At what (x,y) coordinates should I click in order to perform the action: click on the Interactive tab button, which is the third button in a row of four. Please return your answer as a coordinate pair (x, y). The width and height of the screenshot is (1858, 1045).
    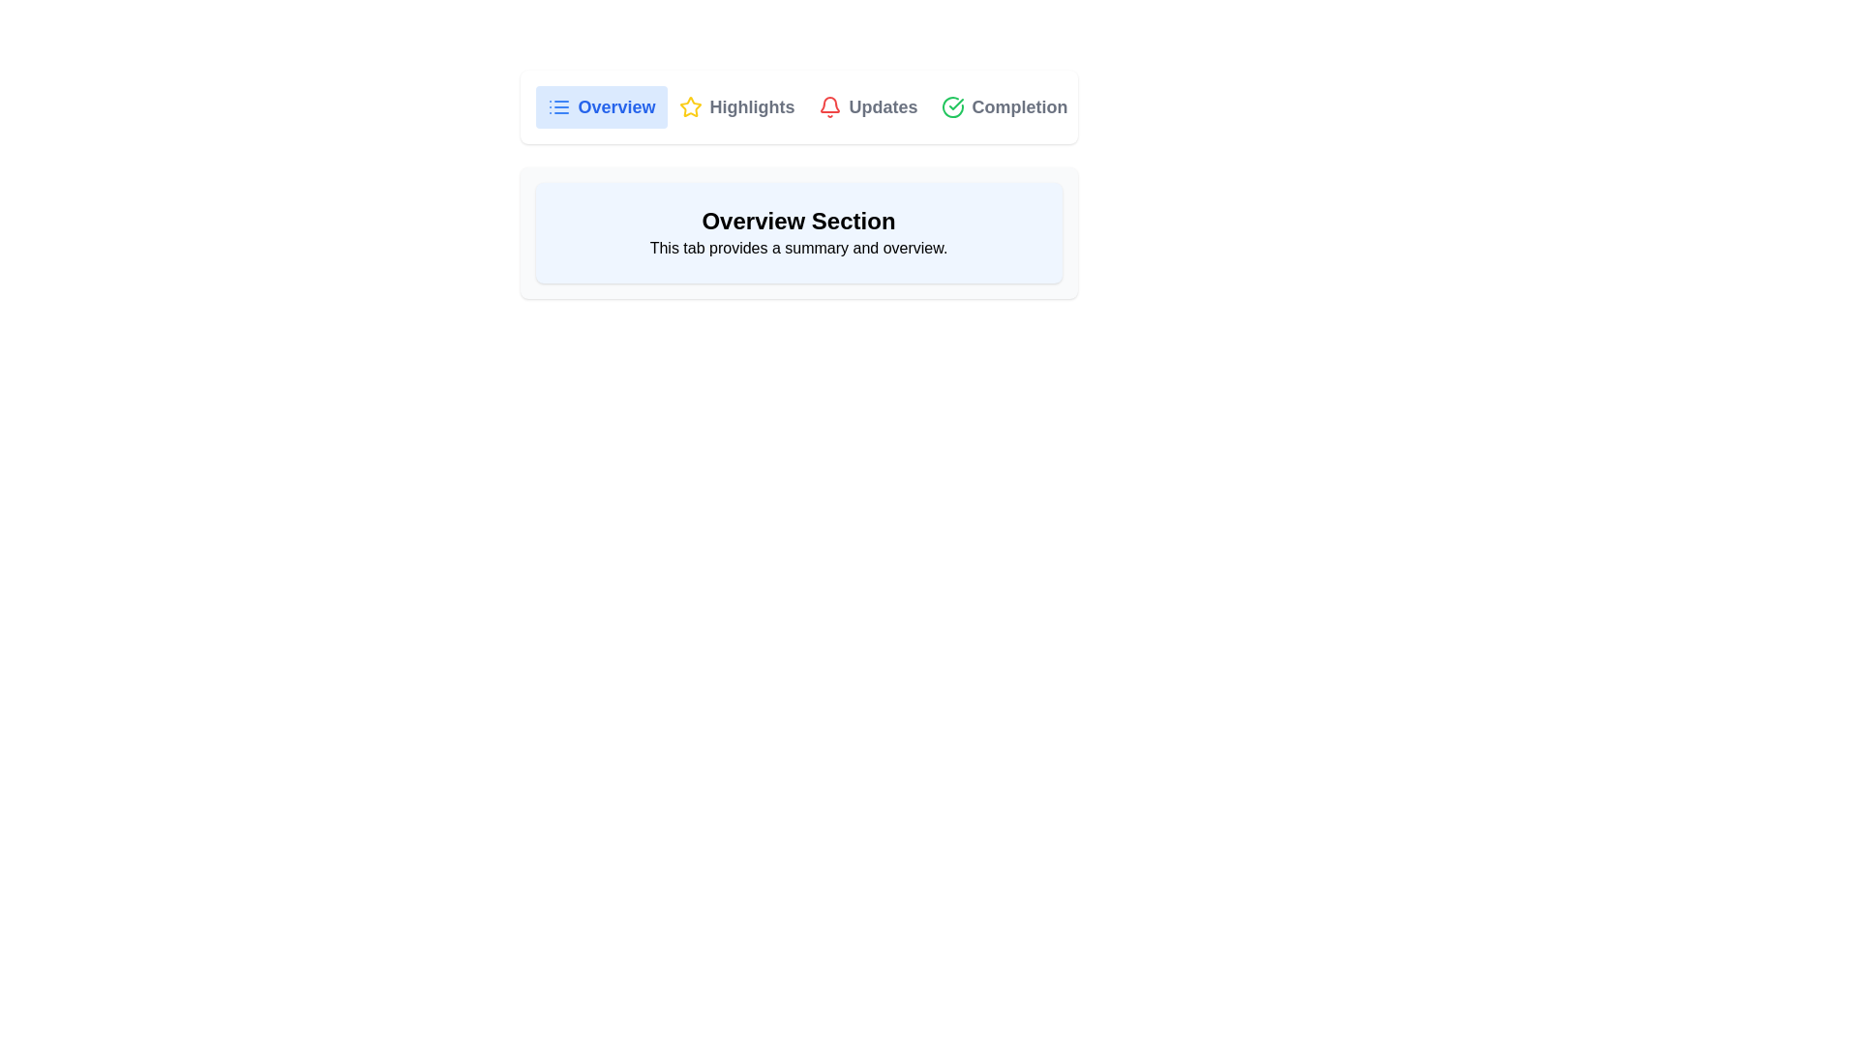
    Looking at the image, I should click on (867, 107).